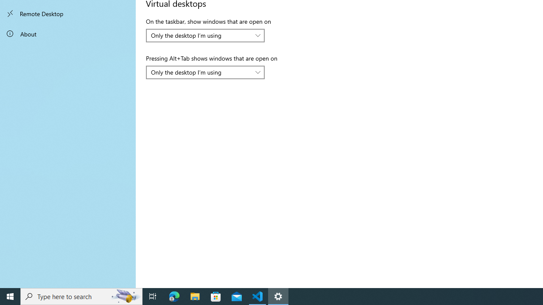  What do you see at coordinates (205, 35) in the screenshot?
I see `'On the taskbar, show windows that are open on'` at bounding box center [205, 35].